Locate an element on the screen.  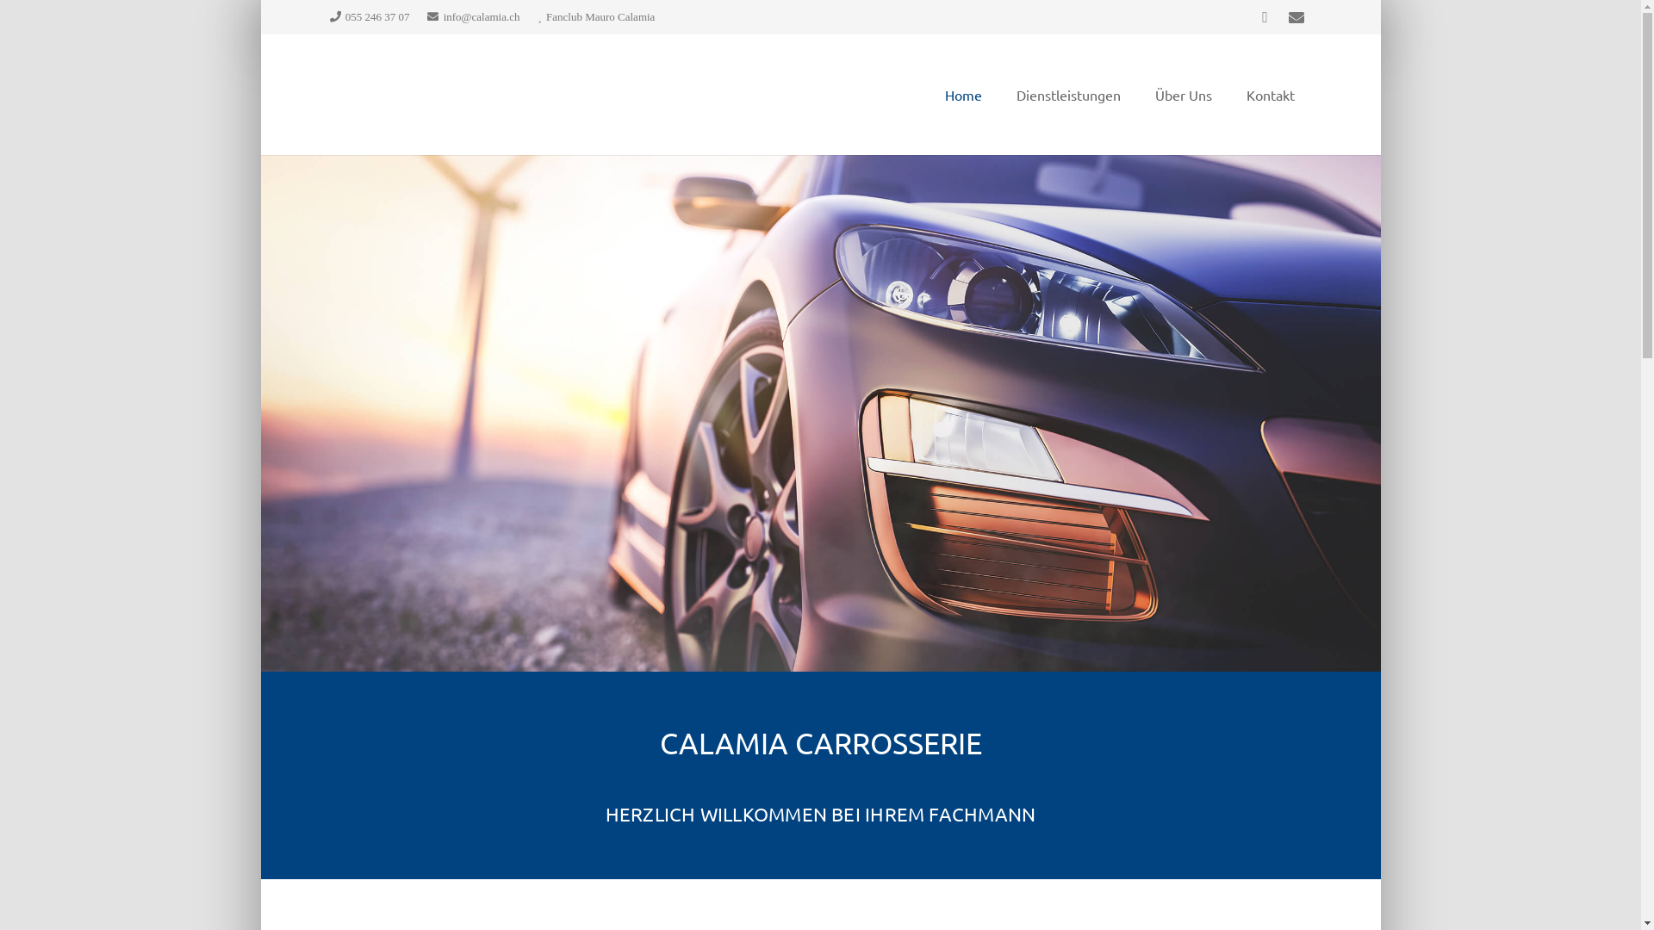
'Home' is located at coordinates (961, 95).